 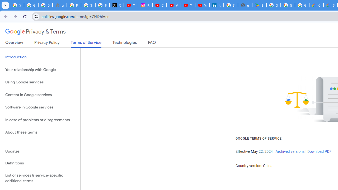 I want to click on 'Customer Care | Google Cloud', so click(x=316, y=5).